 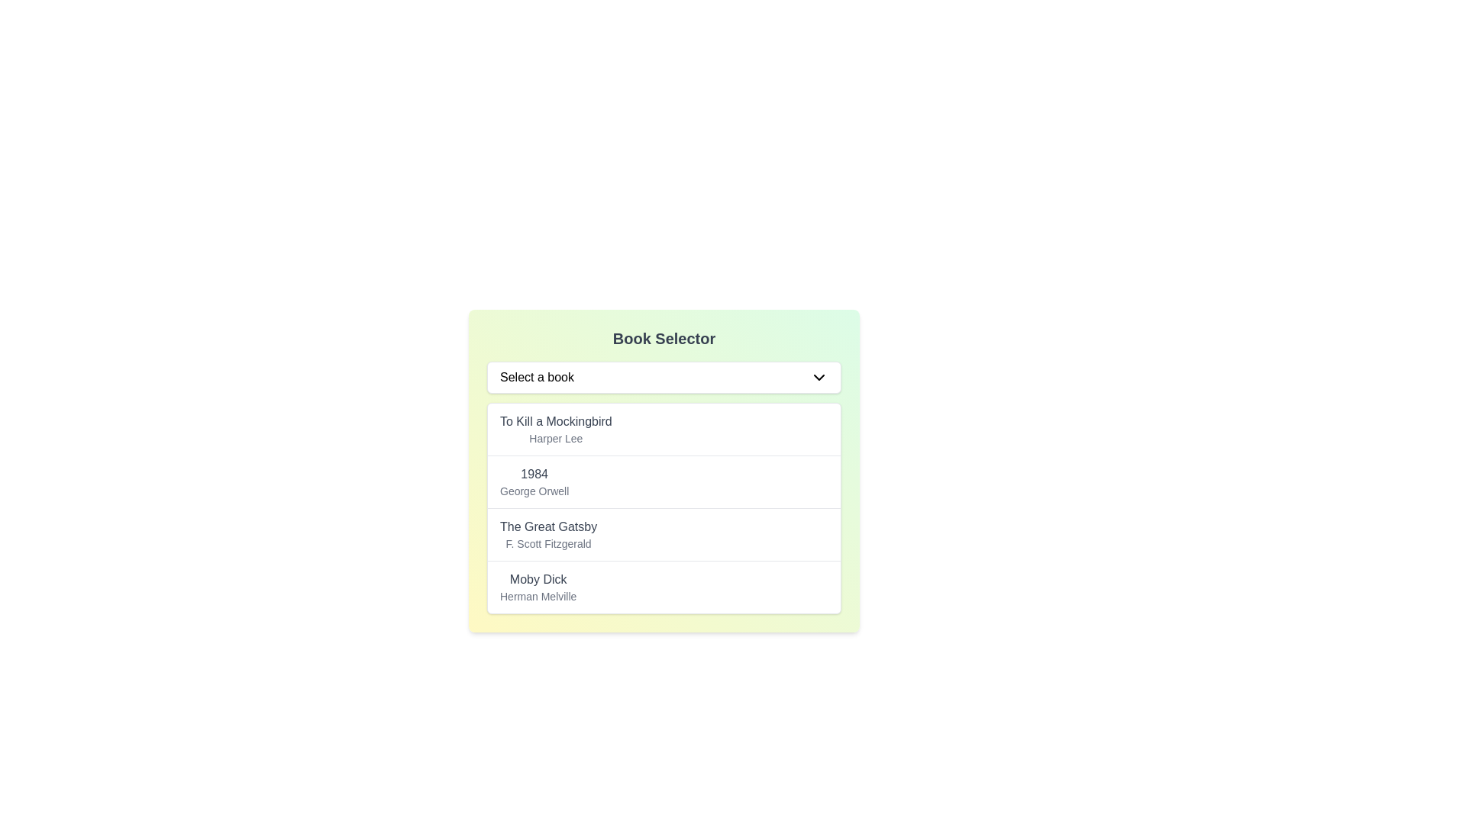 What do you see at coordinates (538, 579) in the screenshot?
I see `the text label displaying the title of the book, which is the last entry in the 'Book Selector' interface` at bounding box center [538, 579].